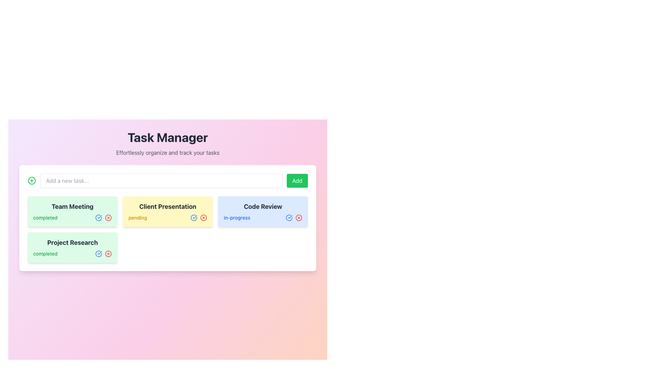 This screenshot has height=374, width=665. What do you see at coordinates (108, 217) in the screenshot?
I see `the circular graphic element with a red border and light green background located on the right side of the 'Team Meeting' task item in the task management view` at bounding box center [108, 217].